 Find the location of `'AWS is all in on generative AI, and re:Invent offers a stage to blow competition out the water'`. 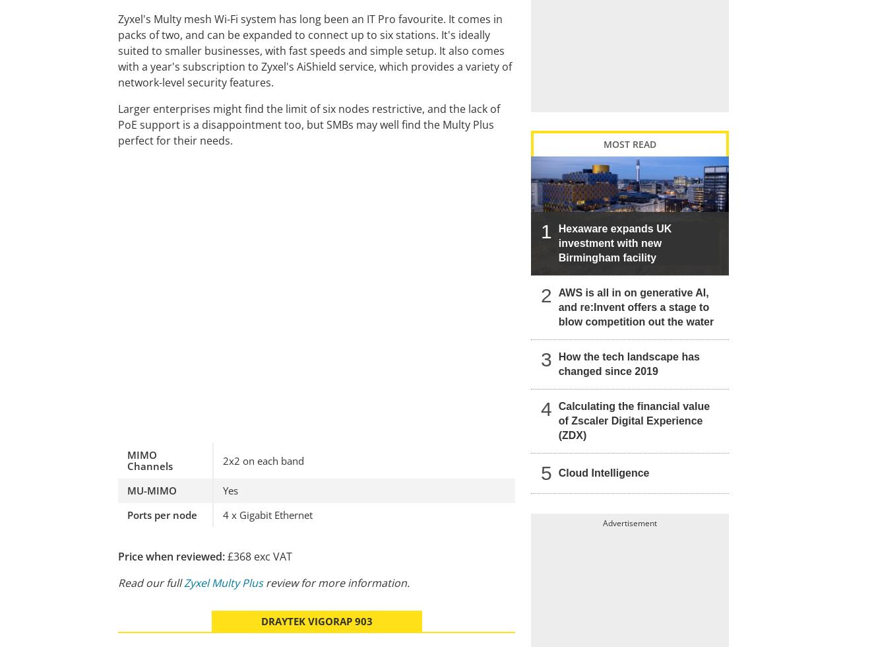

'AWS is all in on generative AI, and re:Invent offers a stage to blow competition out the water' is located at coordinates (635, 306).